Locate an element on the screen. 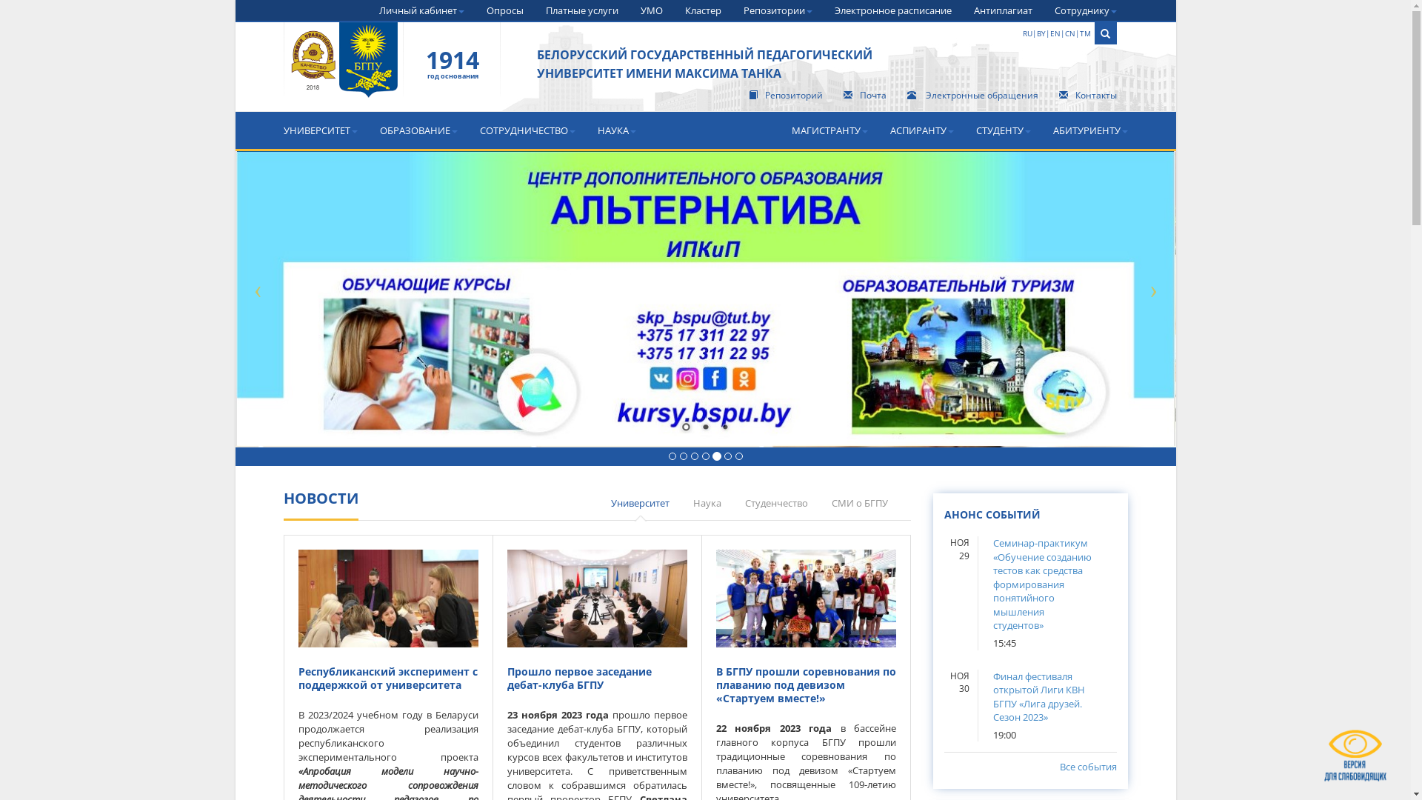 The width and height of the screenshot is (1422, 800). 'CN' is located at coordinates (1069, 33).